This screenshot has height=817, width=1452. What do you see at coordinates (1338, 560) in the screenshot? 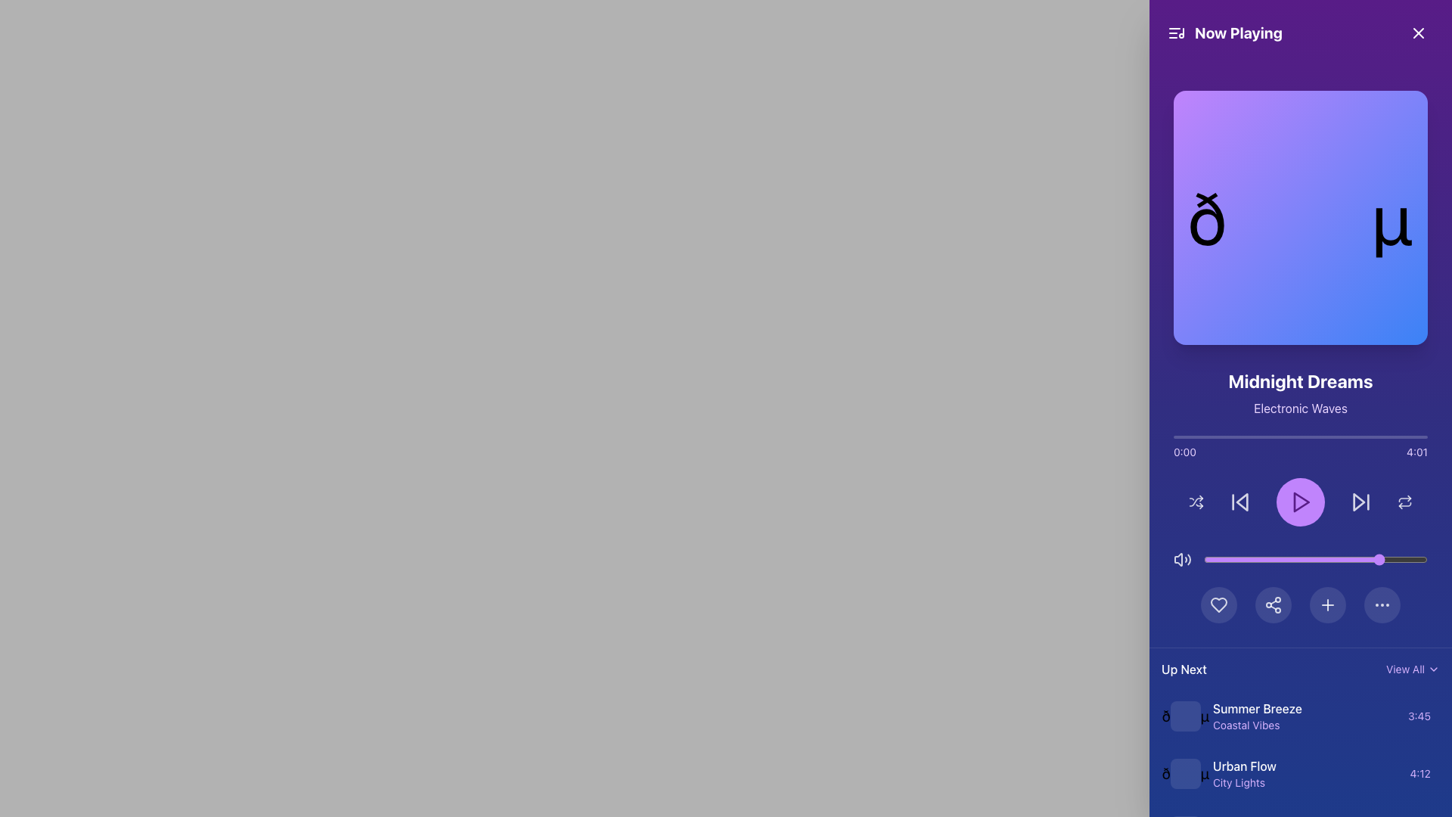
I see `slider value` at bounding box center [1338, 560].